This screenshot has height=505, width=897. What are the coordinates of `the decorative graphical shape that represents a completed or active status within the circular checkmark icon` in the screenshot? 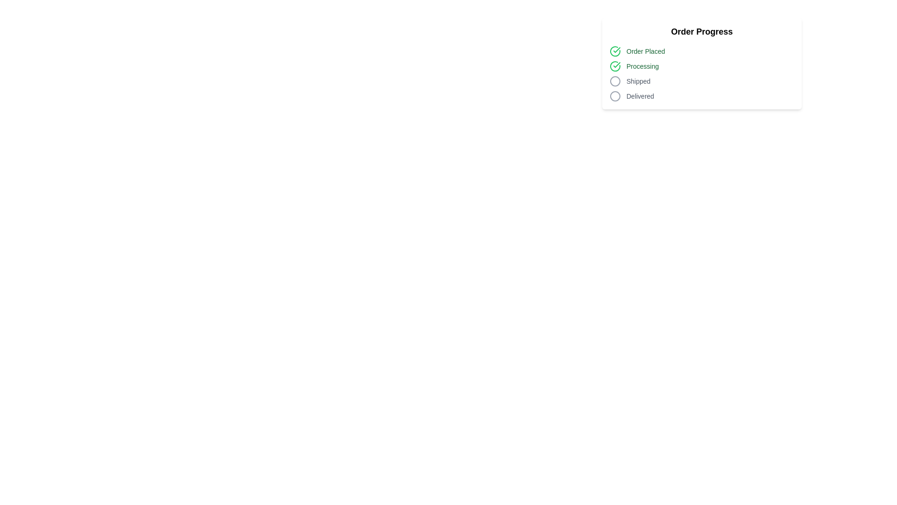 It's located at (615, 66).